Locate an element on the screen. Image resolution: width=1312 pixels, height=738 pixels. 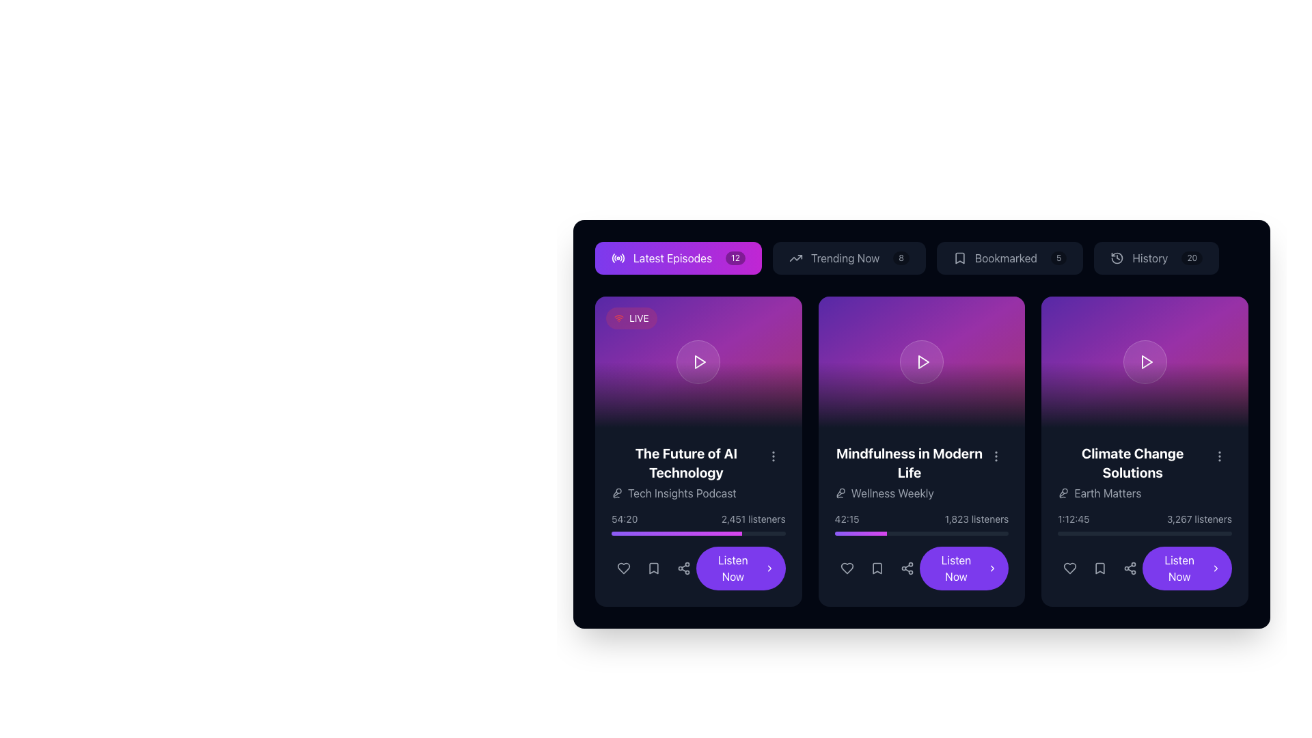
progress is located at coordinates (866, 532).